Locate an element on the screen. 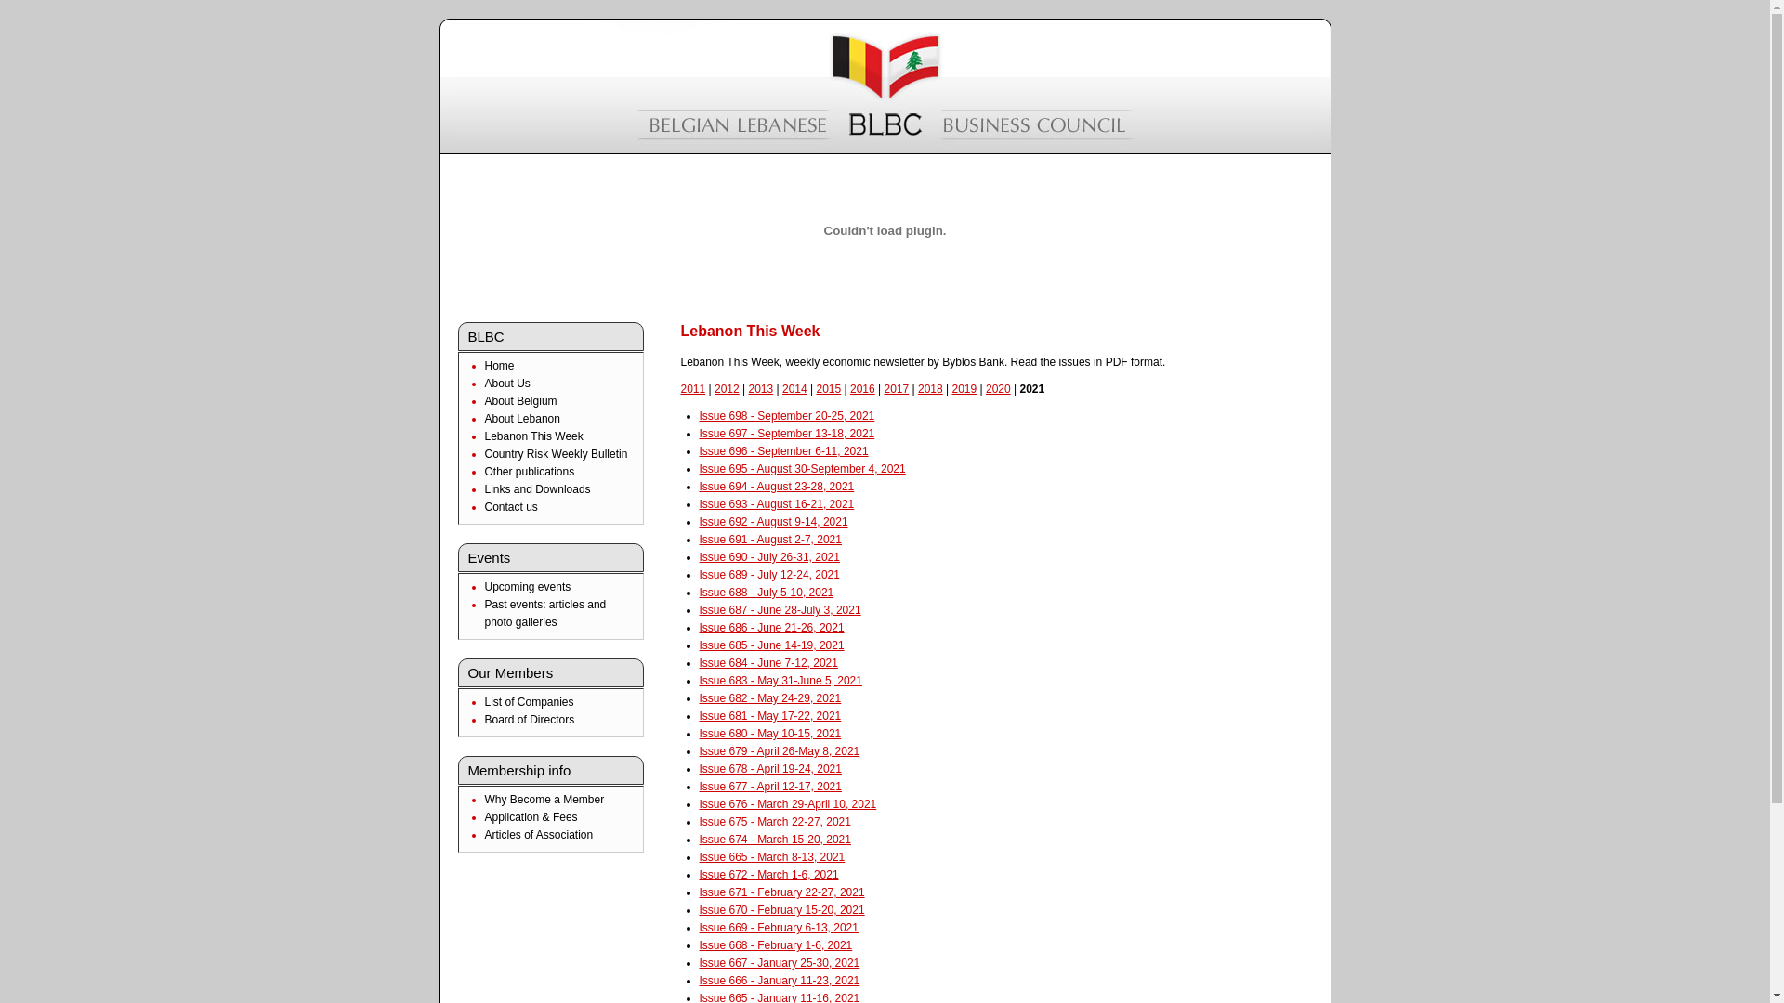 Image resolution: width=1784 pixels, height=1003 pixels. 'Issue 685 - June 14-19, 2021' is located at coordinates (771, 644).